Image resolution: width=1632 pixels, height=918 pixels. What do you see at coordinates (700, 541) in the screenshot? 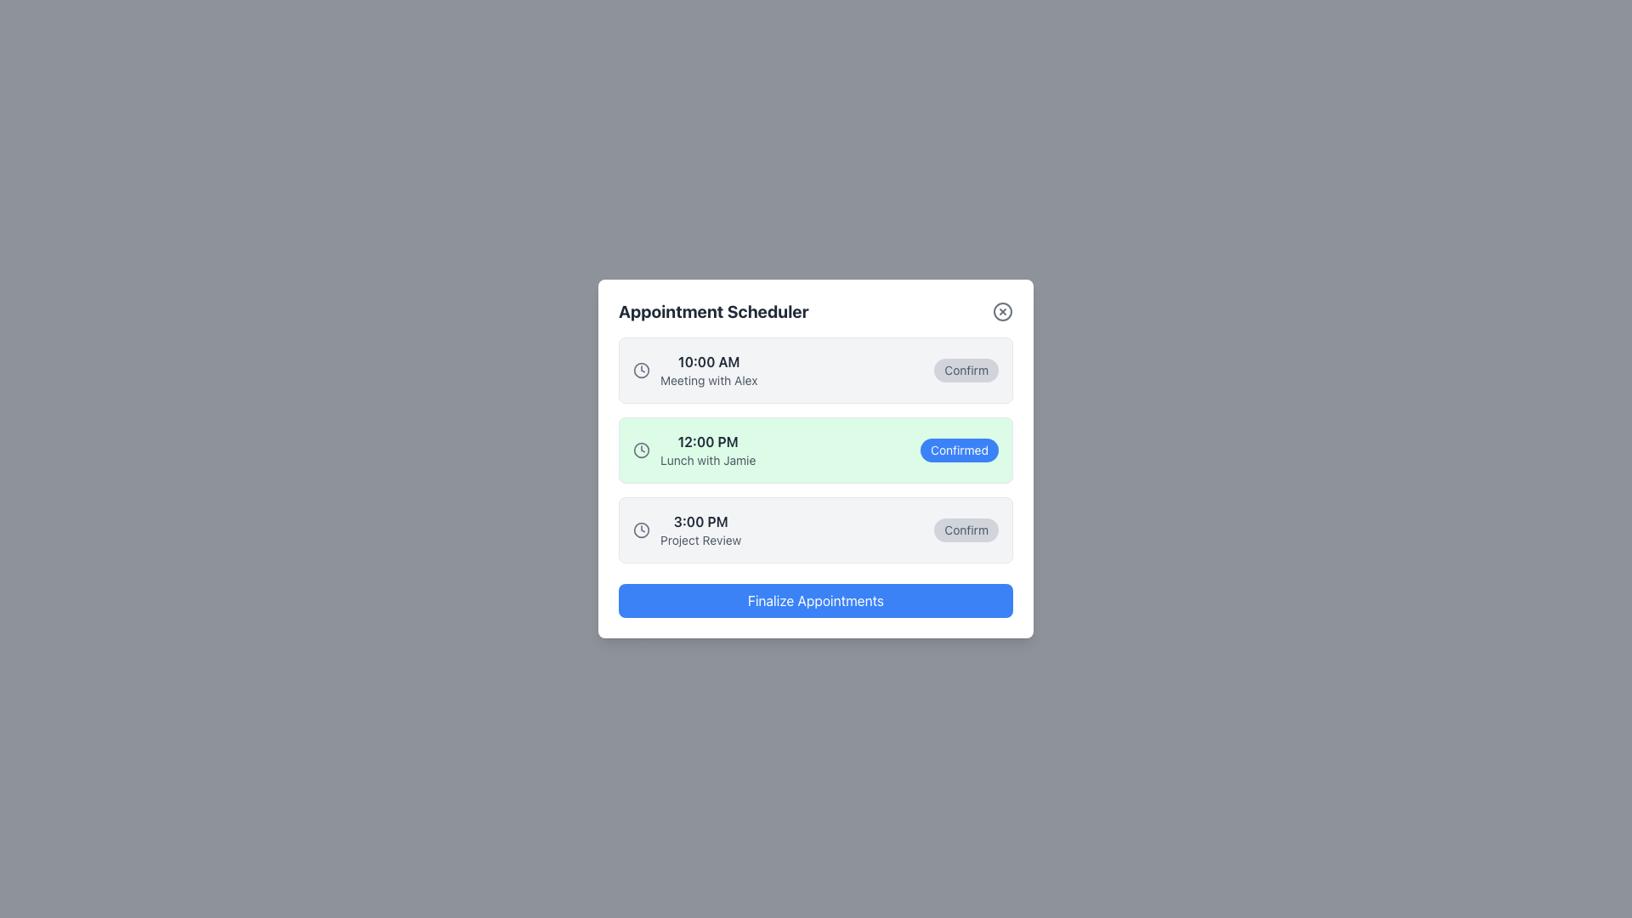
I see `the text label that describes the event scheduled at 3:00 PM, located within the third appointment entry block of the 'Appointment Scheduler' dialog box, positioned underneath '3:00 PM' and aligned to its left` at bounding box center [700, 541].